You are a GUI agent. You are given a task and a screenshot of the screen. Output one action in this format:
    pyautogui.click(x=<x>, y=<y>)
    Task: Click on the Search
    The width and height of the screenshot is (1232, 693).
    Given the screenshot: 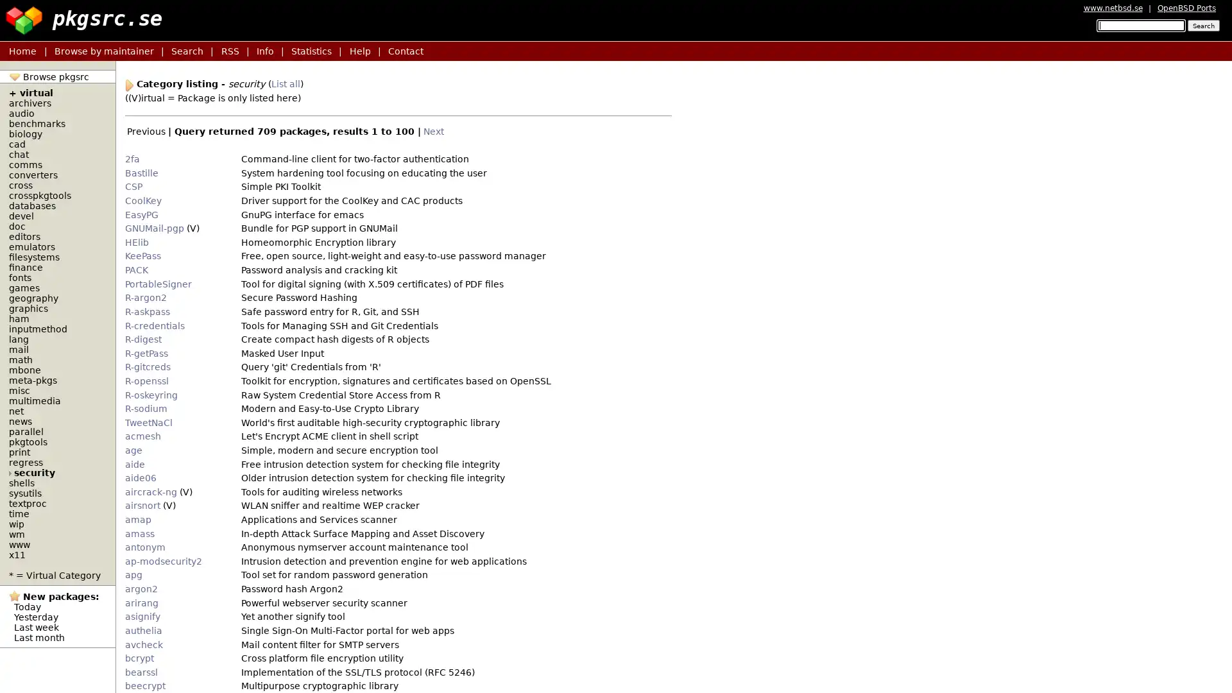 What is the action you would take?
    pyautogui.click(x=1202, y=25)
    